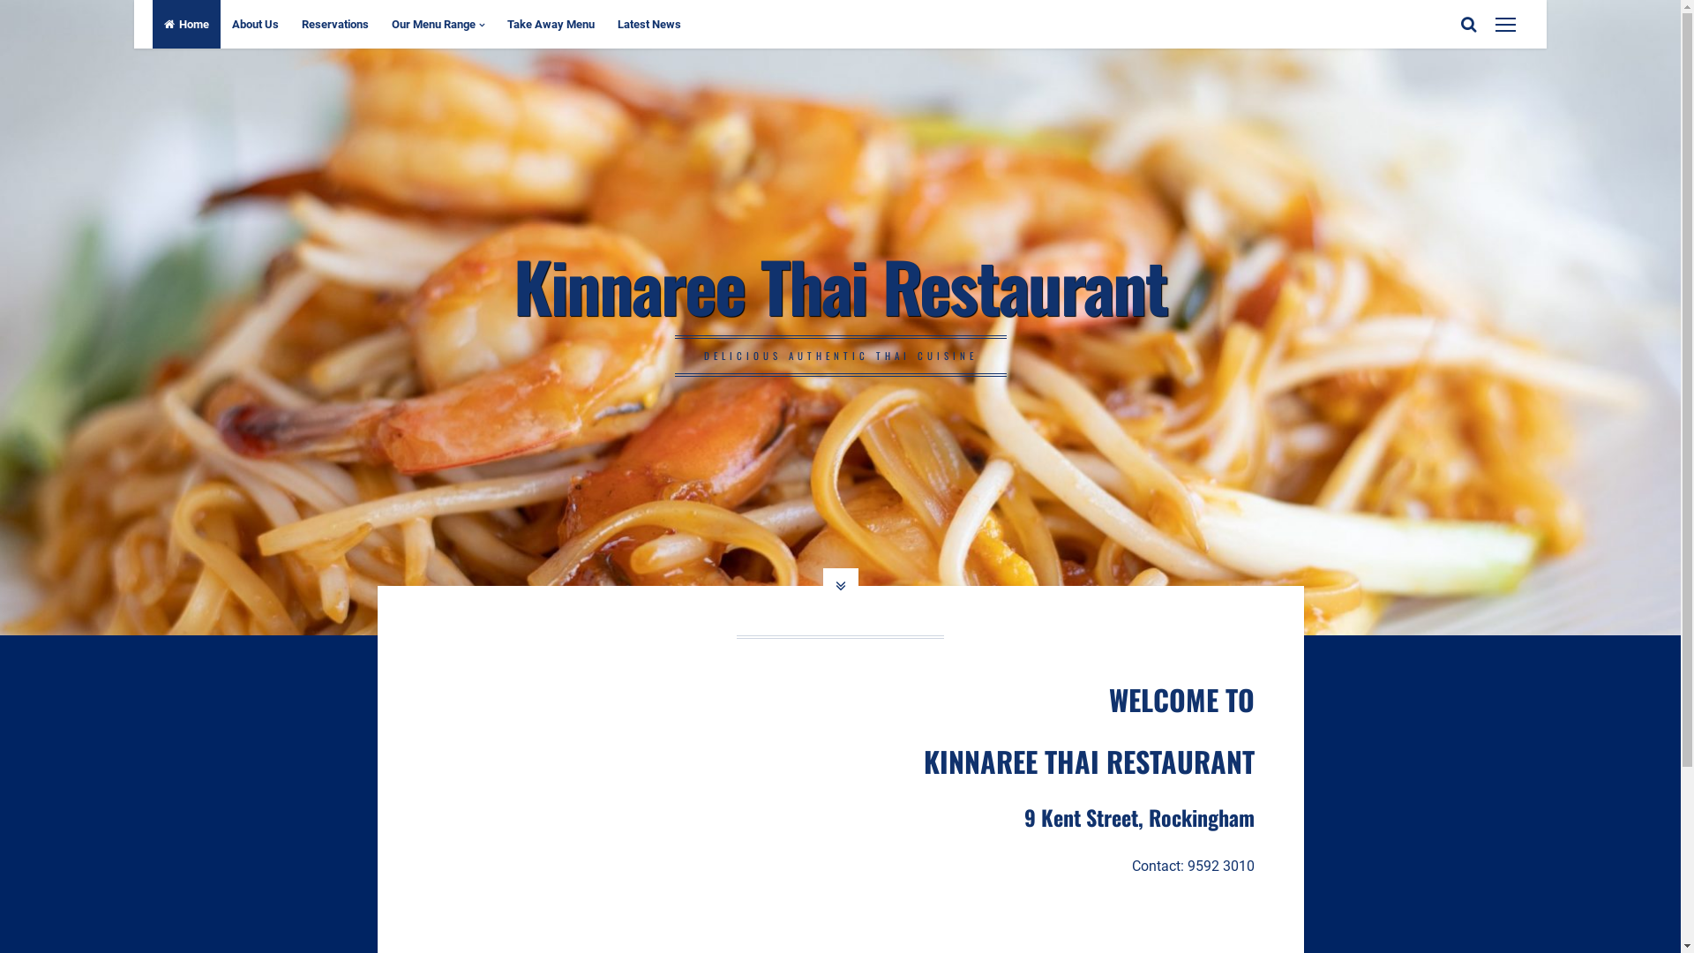 This screenshot has height=953, width=1694. I want to click on 'Take Away Menu', so click(494, 24).